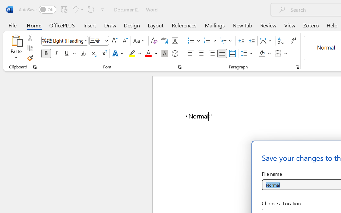 The width and height of the screenshot is (341, 213). Describe the element at coordinates (151, 54) in the screenshot. I see `'Font Color'` at that location.